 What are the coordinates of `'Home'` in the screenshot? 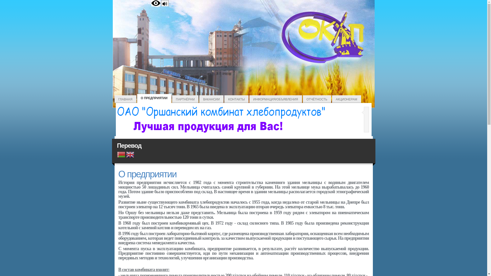 It's located at (243, 133).